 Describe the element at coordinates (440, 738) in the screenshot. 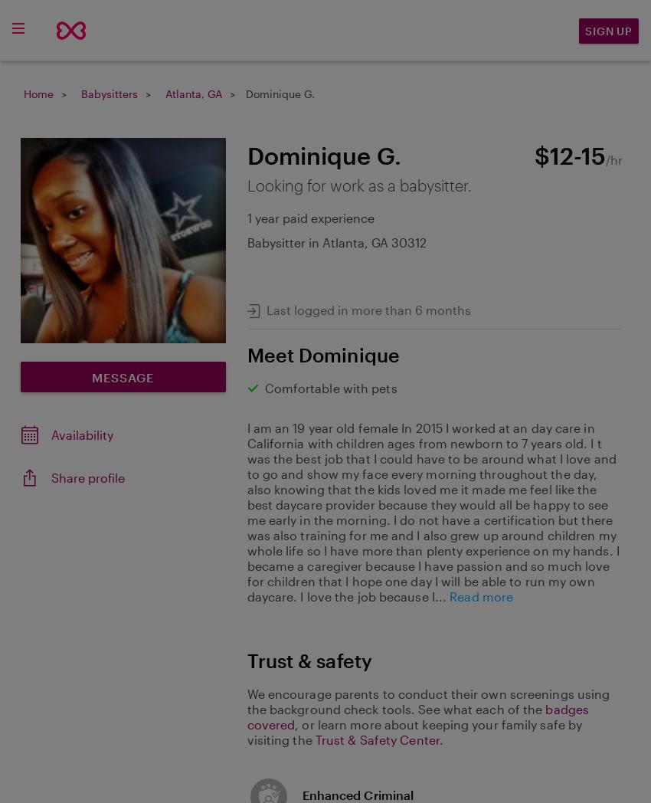

I see `'.'` at that location.